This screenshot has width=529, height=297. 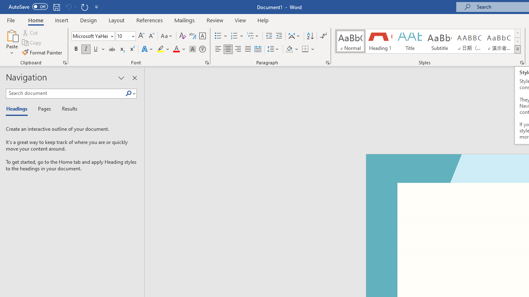 What do you see at coordinates (192, 35) in the screenshot?
I see `'Phonetic Guide...'` at bounding box center [192, 35].